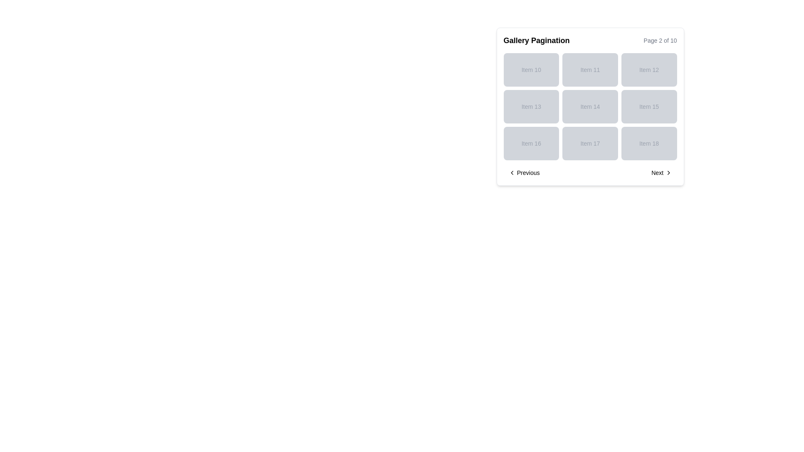 The width and height of the screenshot is (804, 452). I want to click on the unclickable Text Label located in the second row and second column of the grid layout, so click(590, 106).